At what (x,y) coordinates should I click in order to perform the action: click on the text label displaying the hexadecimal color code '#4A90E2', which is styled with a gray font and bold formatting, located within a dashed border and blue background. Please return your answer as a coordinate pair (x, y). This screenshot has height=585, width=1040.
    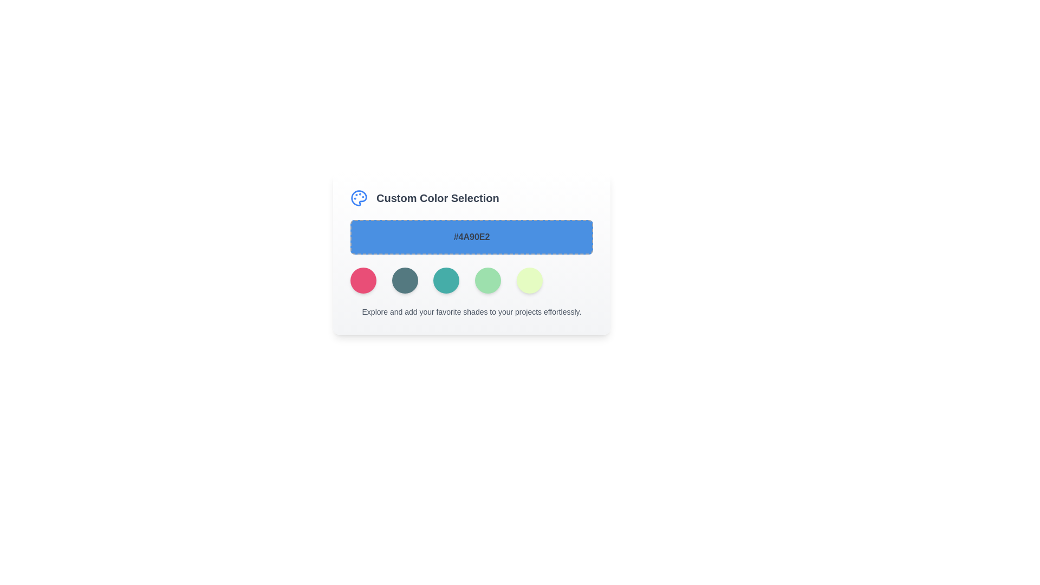
    Looking at the image, I should click on (471, 237).